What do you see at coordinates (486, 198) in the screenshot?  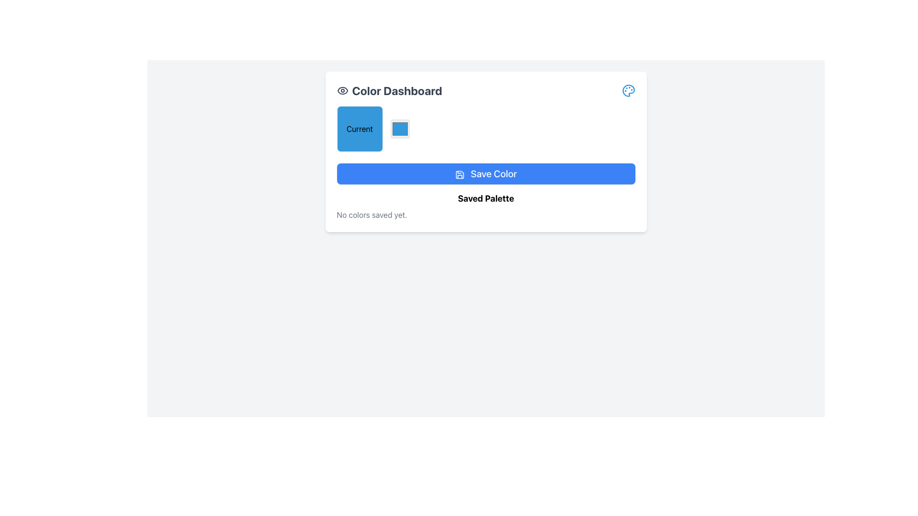 I see `the 'Saved Palette' section title text label, which is centrally aligned within its card-like component and positioned below the 'Save Color' button` at bounding box center [486, 198].